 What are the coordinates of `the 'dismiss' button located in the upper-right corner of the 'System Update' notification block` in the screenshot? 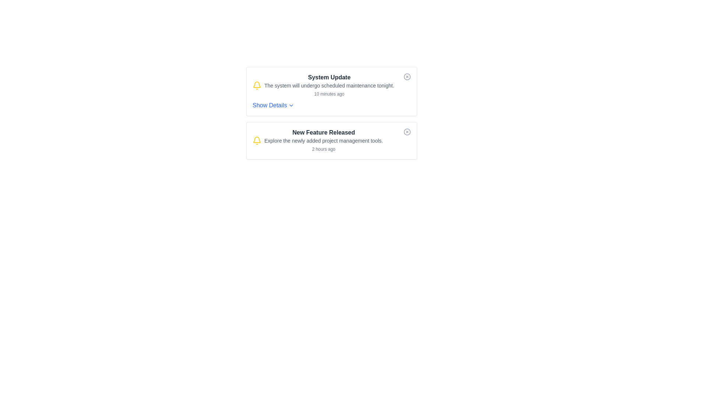 It's located at (407, 76).